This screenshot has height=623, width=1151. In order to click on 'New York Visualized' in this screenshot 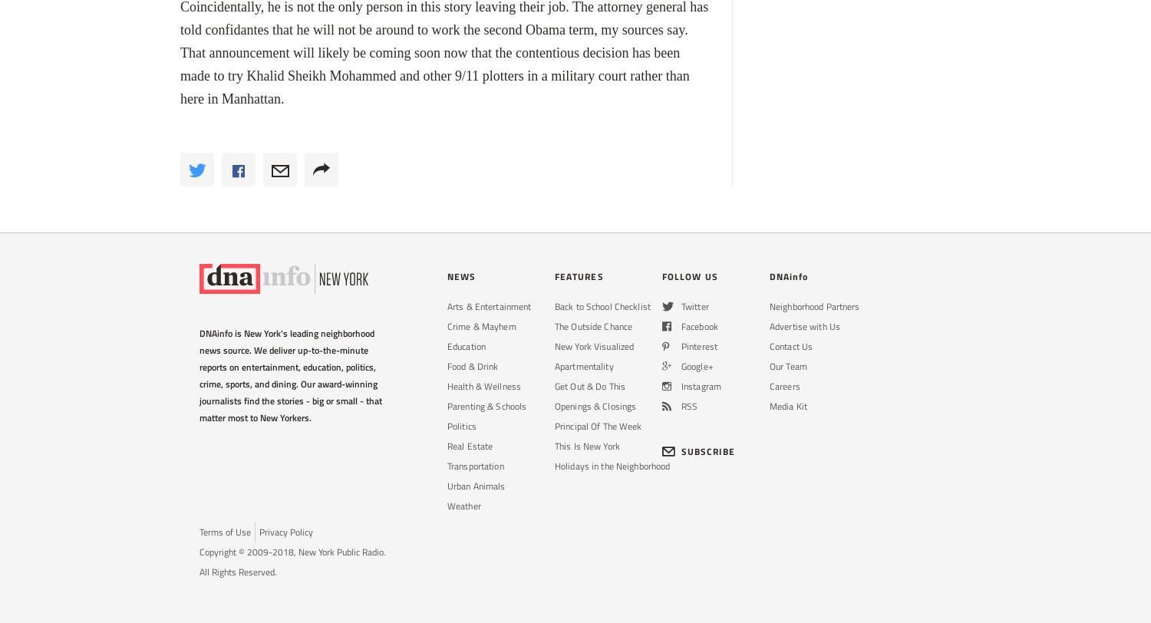, I will do `click(594, 345)`.